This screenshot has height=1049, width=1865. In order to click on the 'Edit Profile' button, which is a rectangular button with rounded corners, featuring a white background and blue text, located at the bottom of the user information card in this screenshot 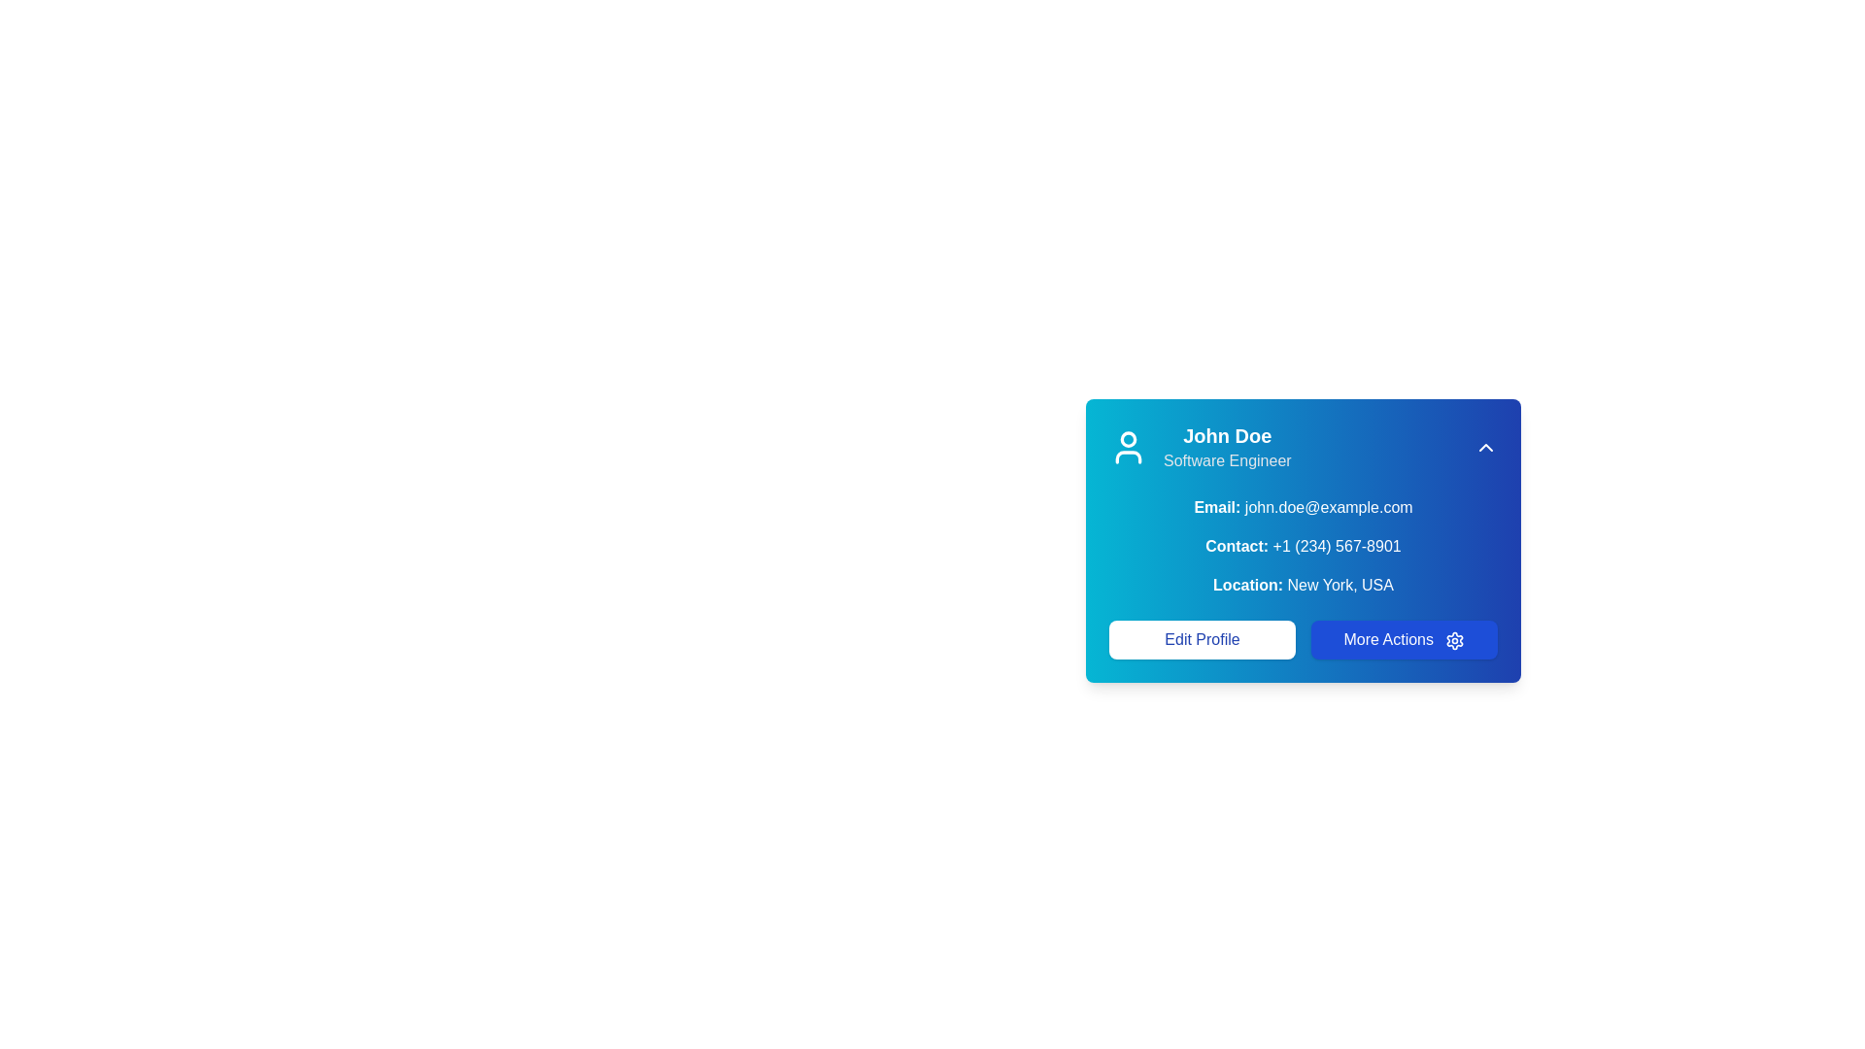, I will do `click(1202, 640)`.